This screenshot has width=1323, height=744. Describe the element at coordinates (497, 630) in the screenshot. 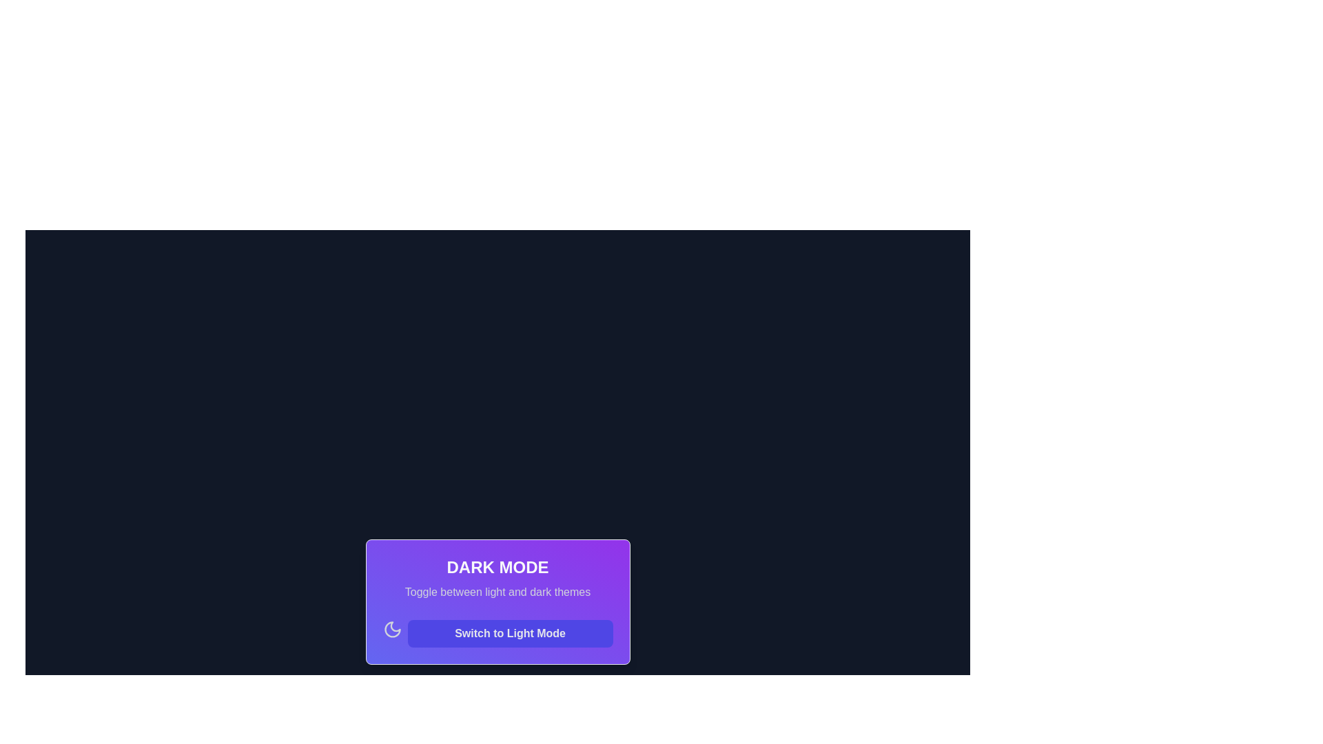

I see `the button that activates the light mode theme, positioned below the text 'Toggle between light and dark themes'` at that location.